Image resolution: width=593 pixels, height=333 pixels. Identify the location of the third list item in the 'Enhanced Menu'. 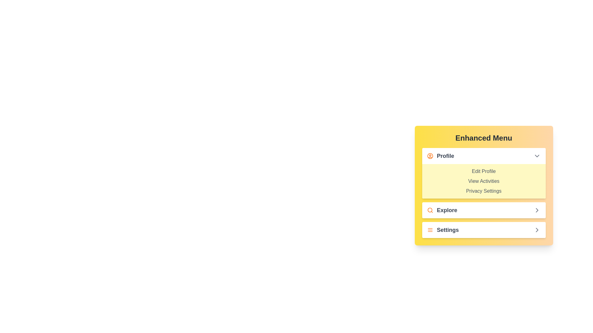
(483, 230).